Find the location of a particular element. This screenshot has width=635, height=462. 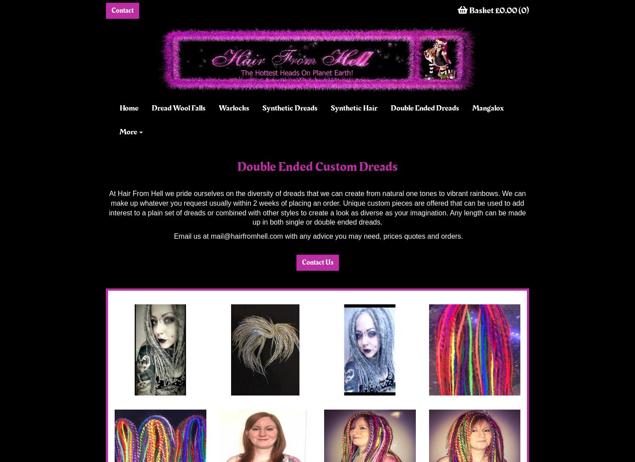

'Email us at mail@hairfromhell.com with any advice you may need, prices quotes and orders.' is located at coordinates (317, 236).